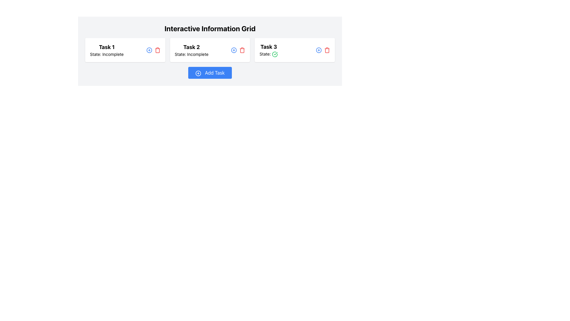 The width and height of the screenshot is (570, 321). Describe the element at coordinates (191, 54) in the screenshot. I see `the Text Display that shows the current state of the task, indicating it is incomplete, located beneath the 'Task 2' header in the center card of a grid` at that location.